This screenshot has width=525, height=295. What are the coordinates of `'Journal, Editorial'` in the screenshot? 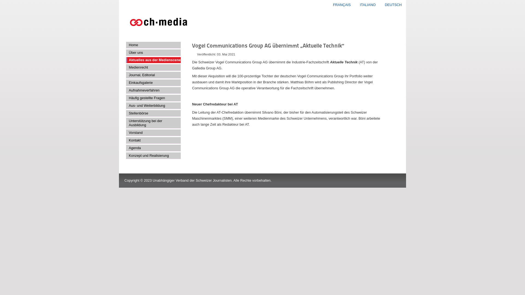 It's located at (153, 75).